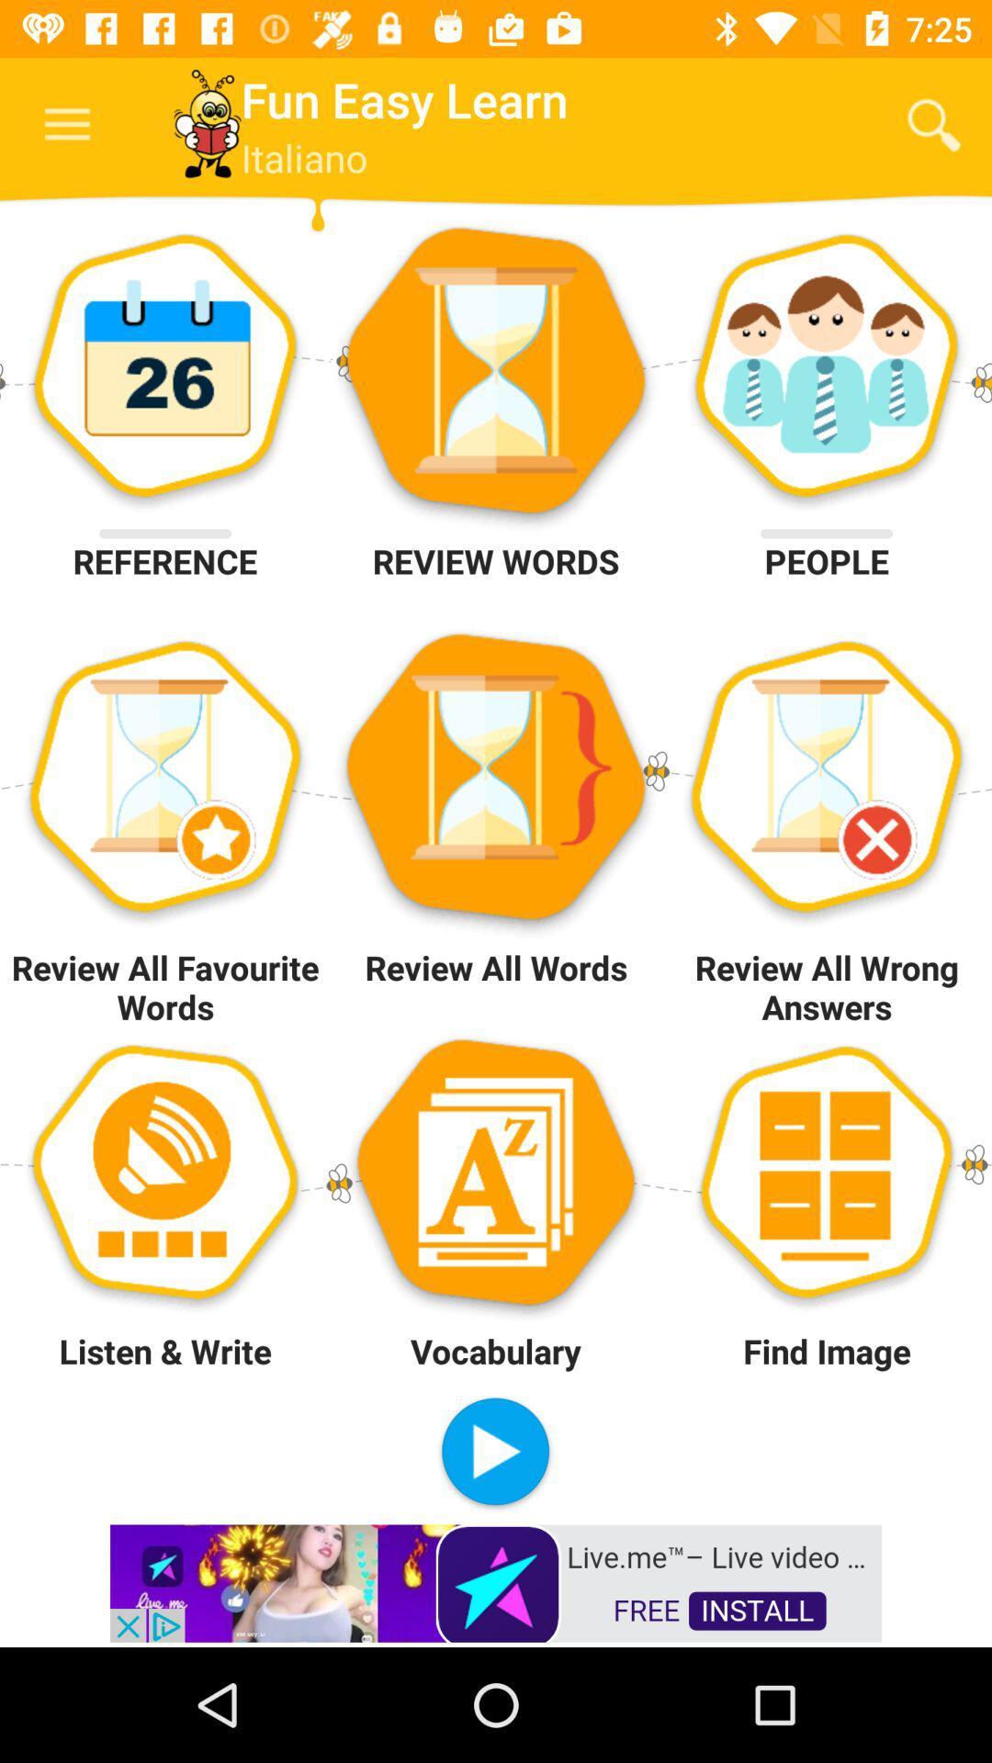  I want to click on italian, so click(494, 1453).